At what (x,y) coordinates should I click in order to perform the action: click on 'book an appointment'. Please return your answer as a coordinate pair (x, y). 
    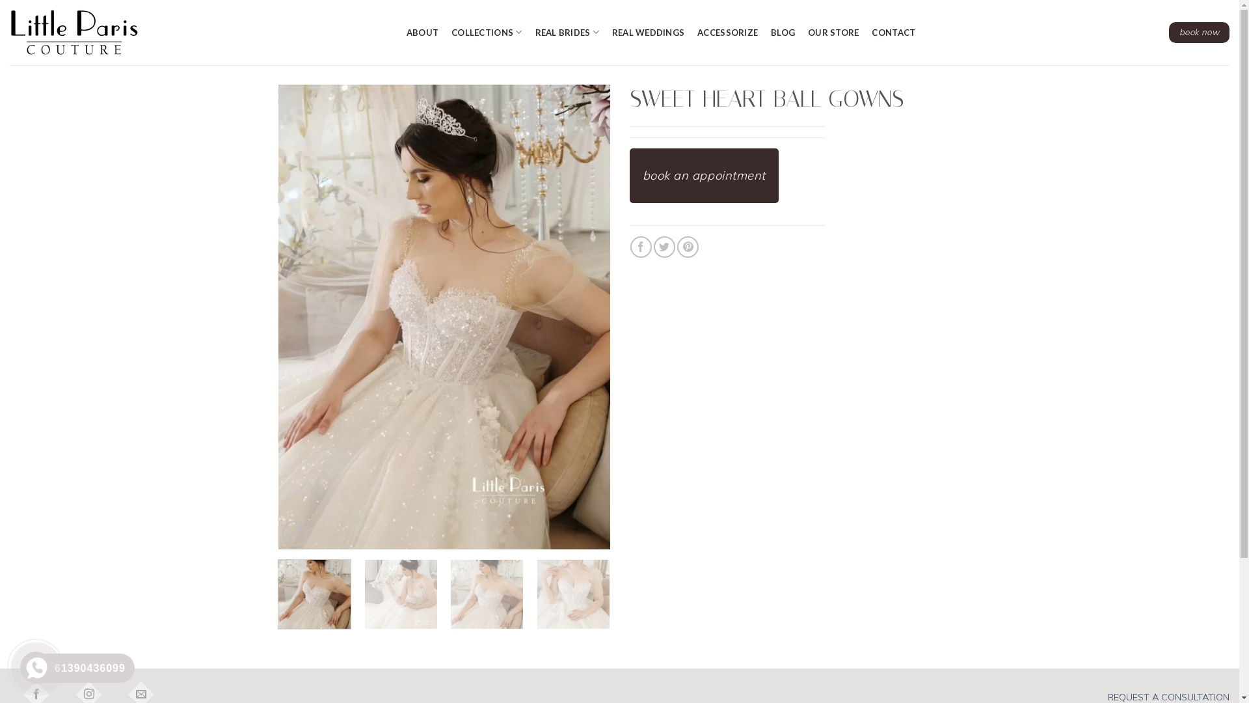
    Looking at the image, I should click on (704, 176).